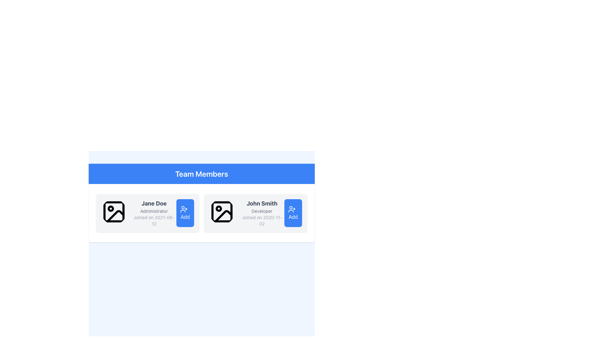 This screenshot has height=342, width=608. Describe the element at coordinates (154, 211) in the screenshot. I see `static text label displaying 'Administrator', which is positioned below the name 'Jane Doe'` at that location.